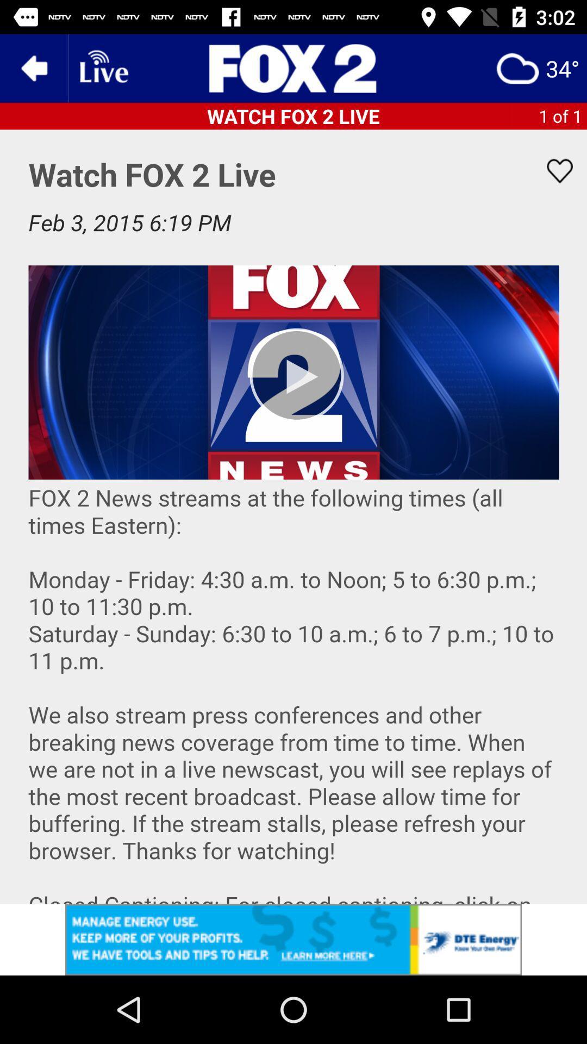  Describe the element at coordinates (293, 67) in the screenshot. I see `advertisement` at that location.